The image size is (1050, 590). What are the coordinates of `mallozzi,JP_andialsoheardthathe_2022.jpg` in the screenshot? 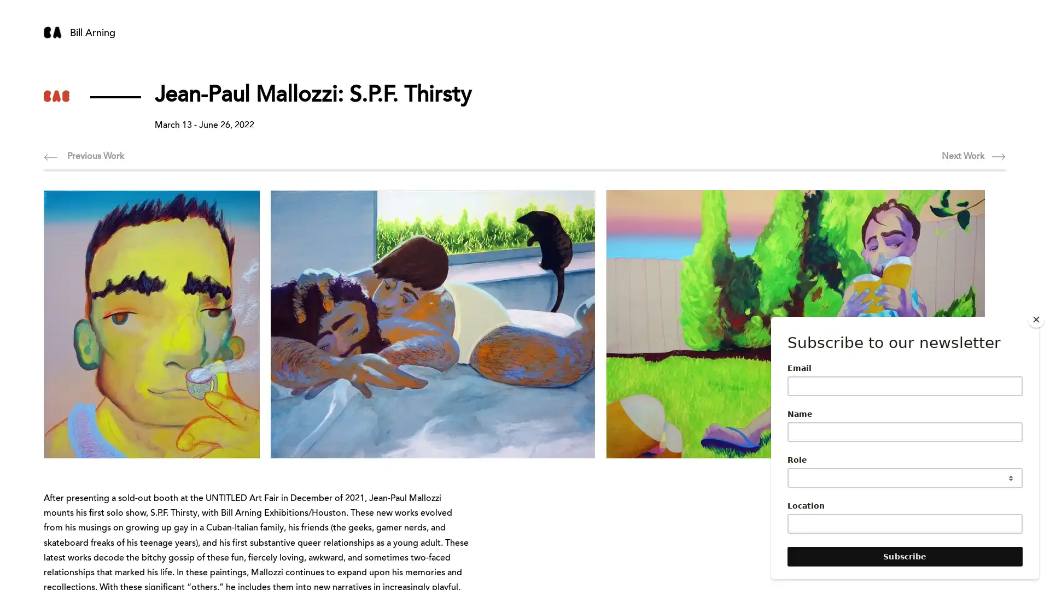 It's located at (151, 323).